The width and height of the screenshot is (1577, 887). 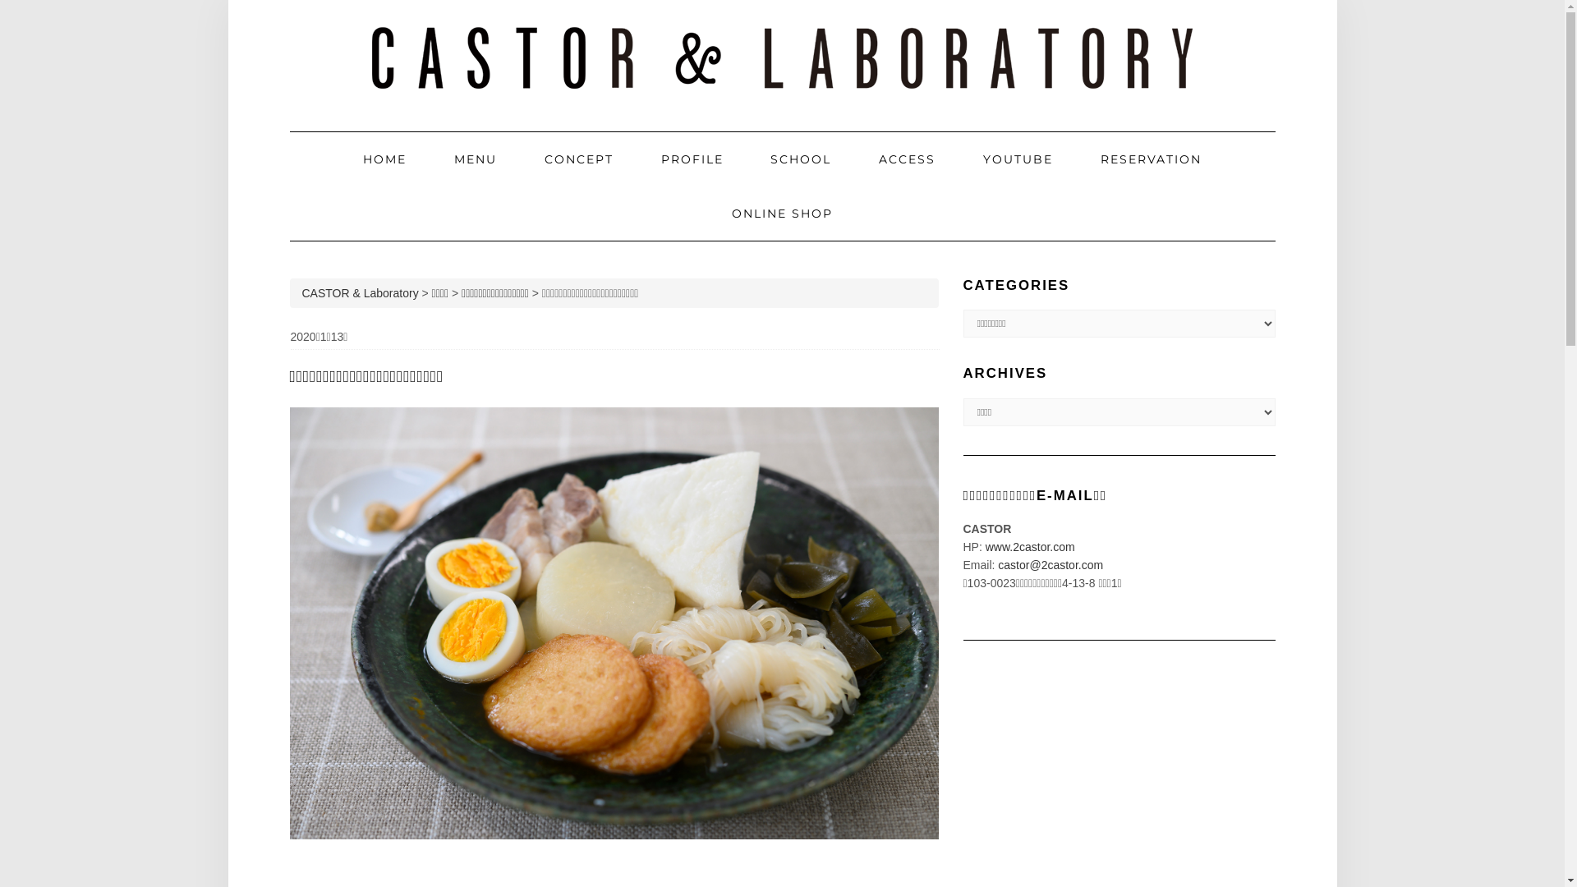 I want to click on 'CONCEPT', so click(x=579, y=159).